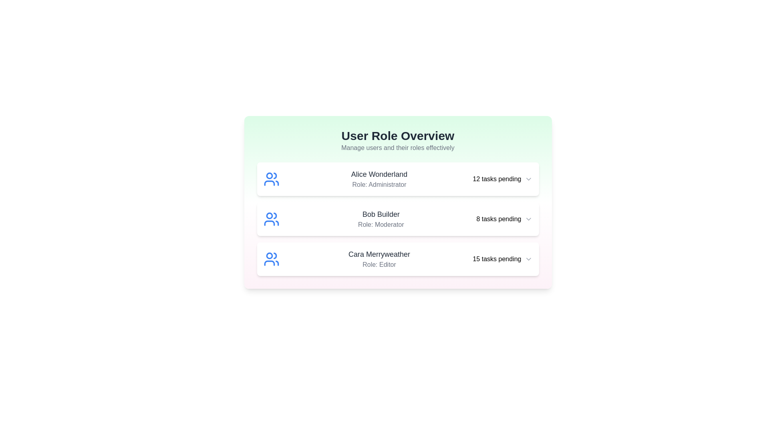  I want to click on the user item corresponding to Alice Wonderland, so click(398, 178).